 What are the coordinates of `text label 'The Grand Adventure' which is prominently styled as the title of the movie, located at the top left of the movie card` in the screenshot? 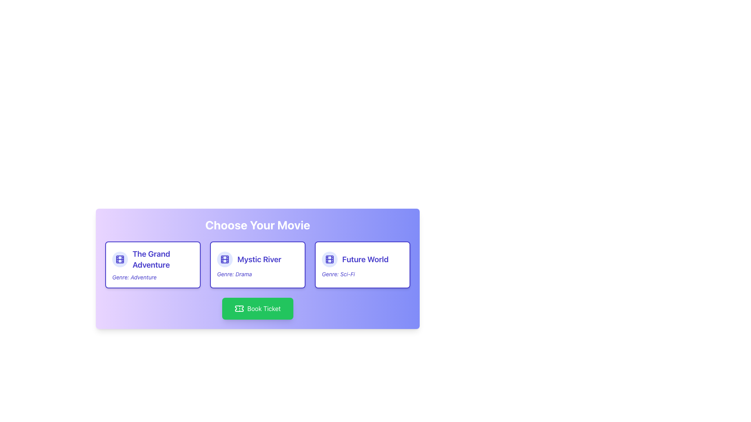 It's located at (153, 259).